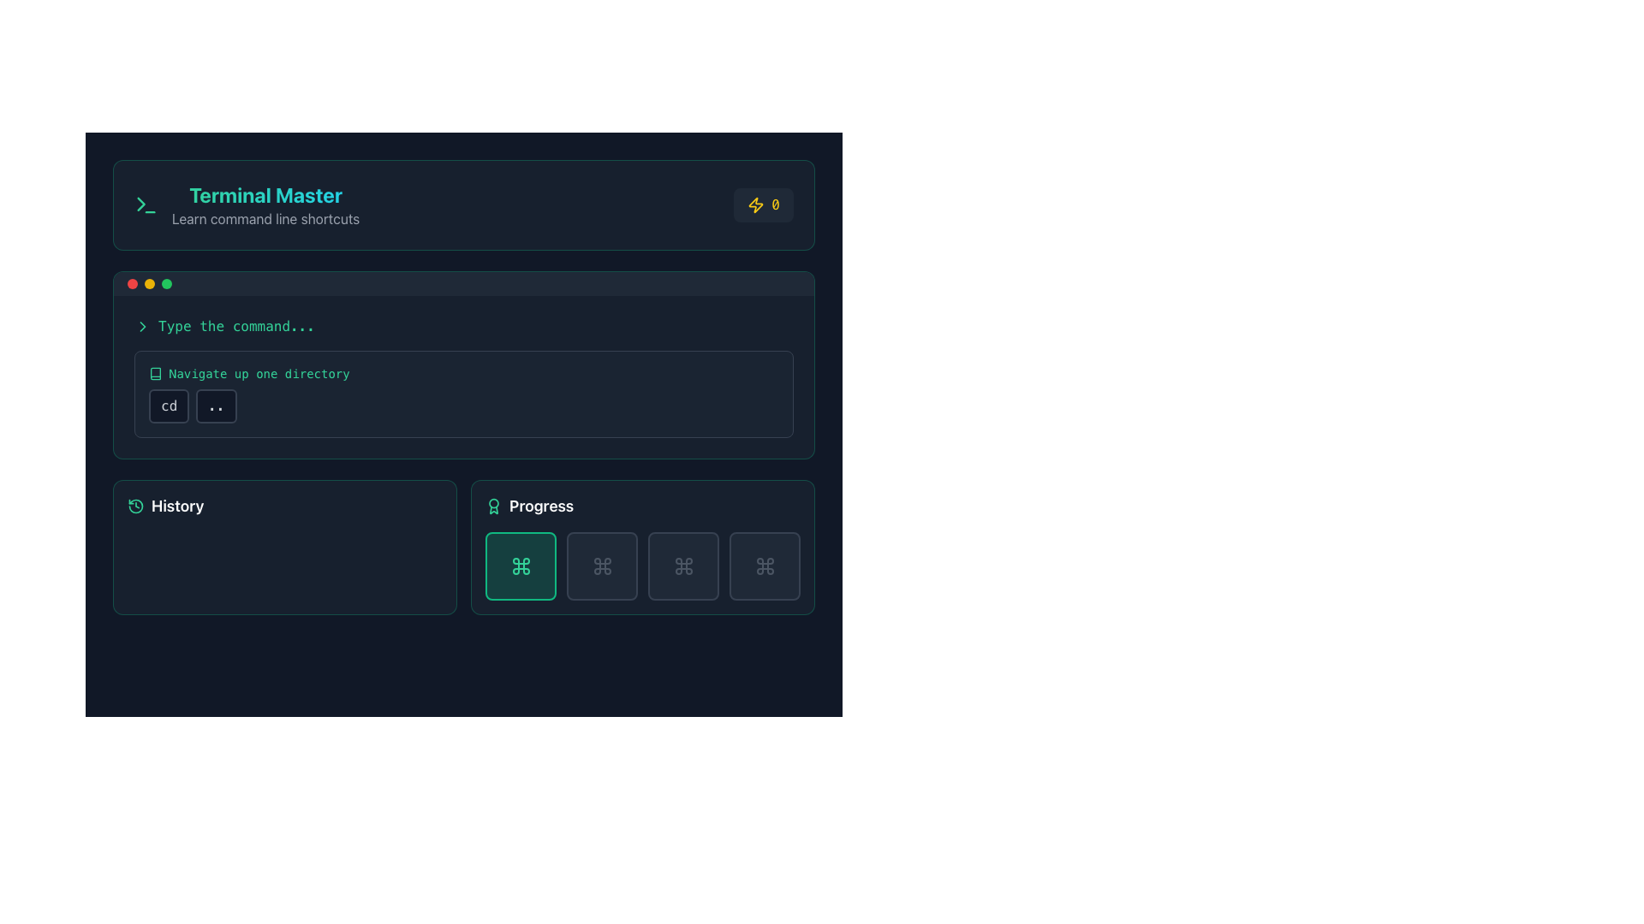 The height and width of the screenshot is (924, 1644). I want to click on the fourth button in the 'Progress' section, so click(764, 566).